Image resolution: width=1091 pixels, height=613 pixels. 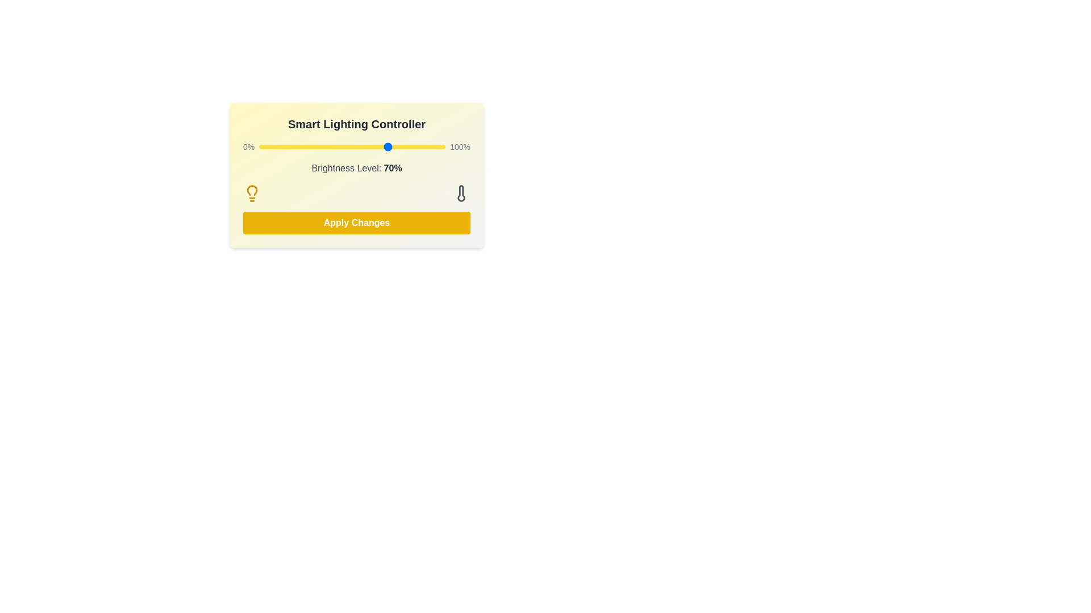 I want to click on the brightness slider to set the brightness to 0%, so click(x=259, y=146).